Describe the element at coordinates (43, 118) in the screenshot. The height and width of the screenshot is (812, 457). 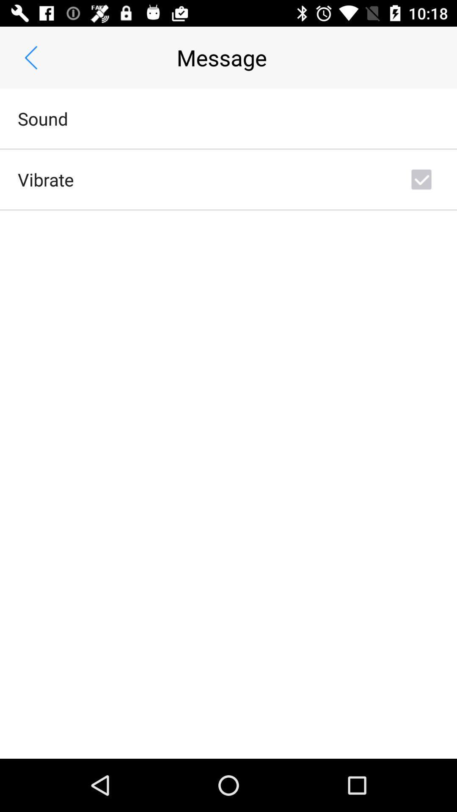
I see `the sound item` at that location.